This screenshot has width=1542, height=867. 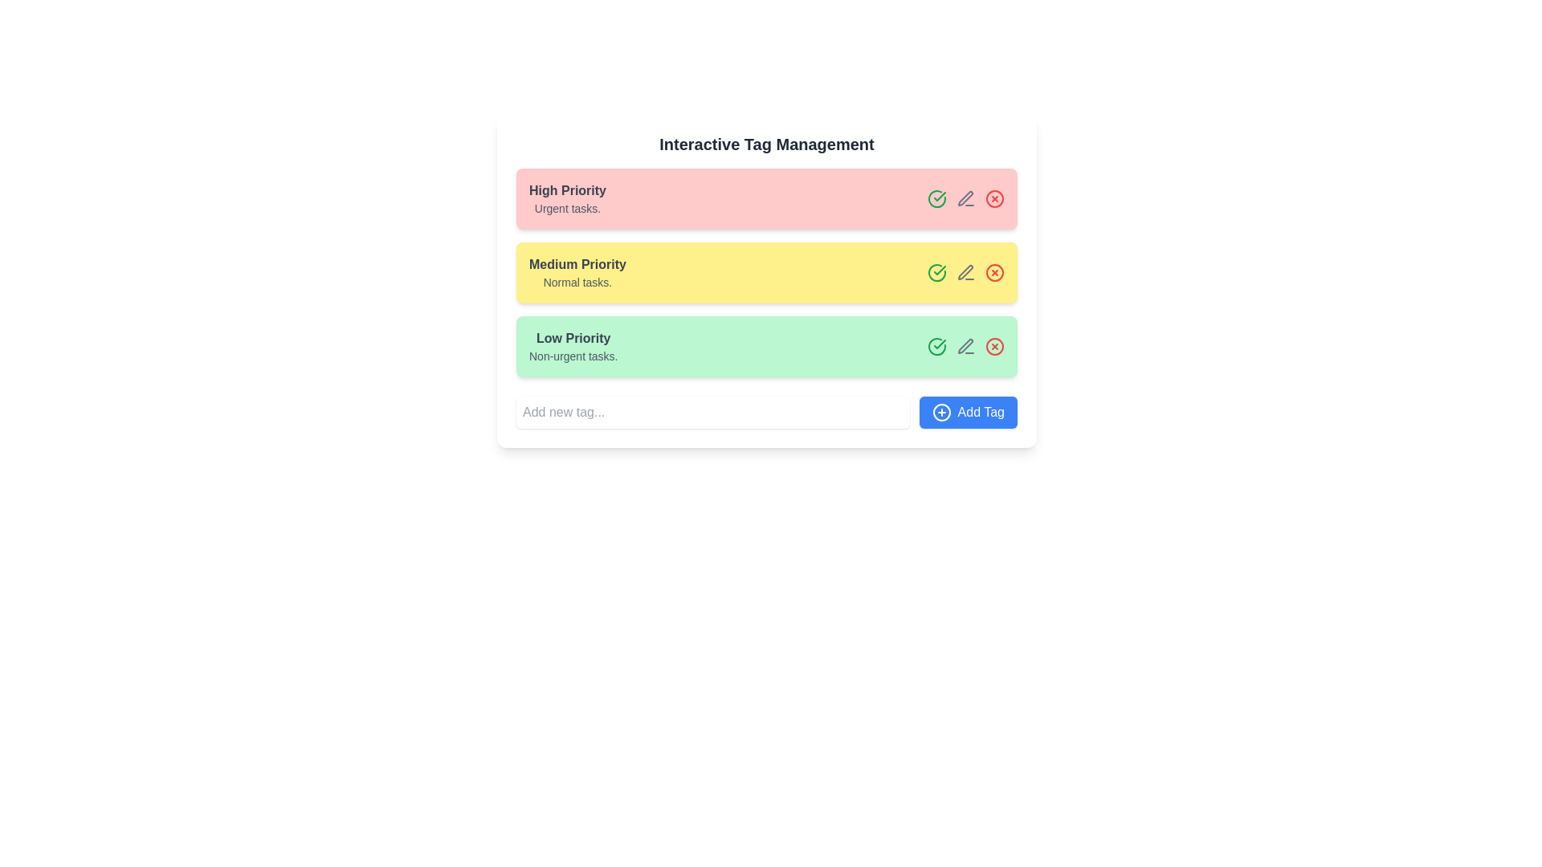 What do you see at coordinates (967, 411) in the screenshot?
I see `the rectangular button with rounded edges, styled in blue with white text "Add Tag" and a plus sign icon, located at the rightmost end of the layout` at bounding box center [967, 411].